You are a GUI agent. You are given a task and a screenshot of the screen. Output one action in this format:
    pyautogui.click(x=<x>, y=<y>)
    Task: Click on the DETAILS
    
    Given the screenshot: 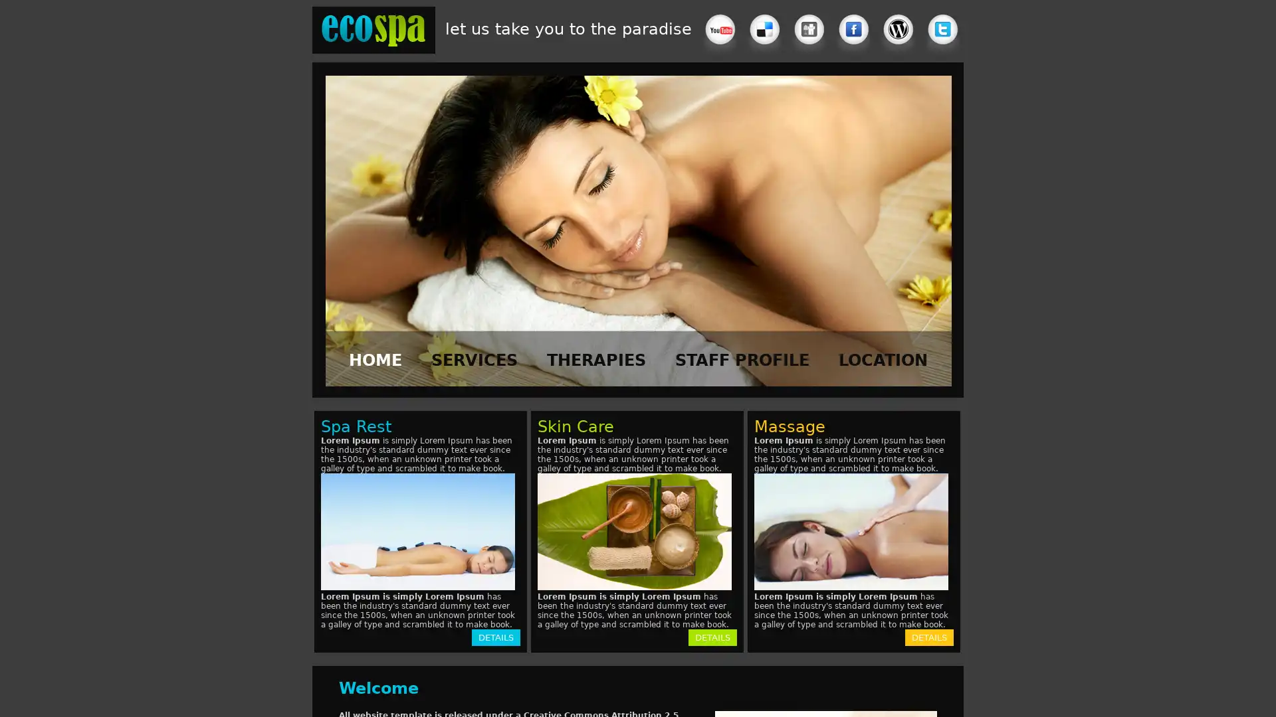 What is the action you would take?
    pyautogui.click(x=928, y=637)
    